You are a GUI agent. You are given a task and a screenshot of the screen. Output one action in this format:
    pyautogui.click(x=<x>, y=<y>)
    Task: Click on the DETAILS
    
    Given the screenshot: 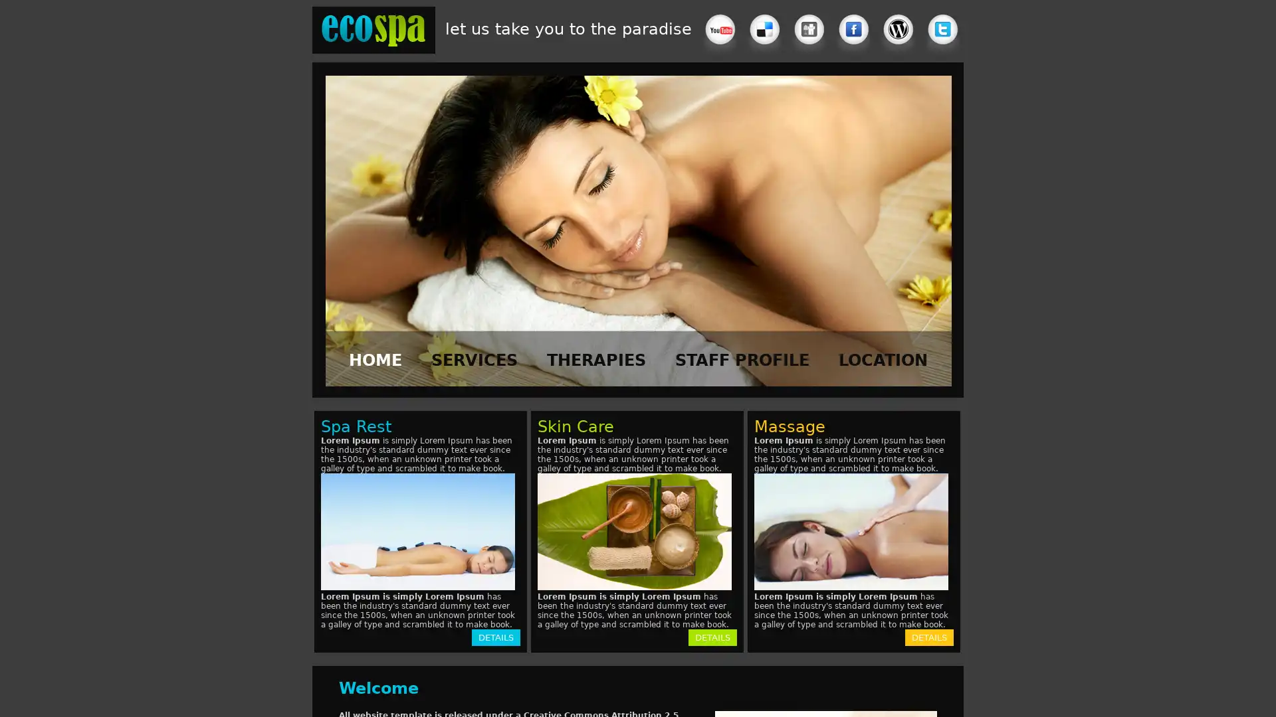 What is the action you would take?
    pyautogui.click(x=928, y=637)
    